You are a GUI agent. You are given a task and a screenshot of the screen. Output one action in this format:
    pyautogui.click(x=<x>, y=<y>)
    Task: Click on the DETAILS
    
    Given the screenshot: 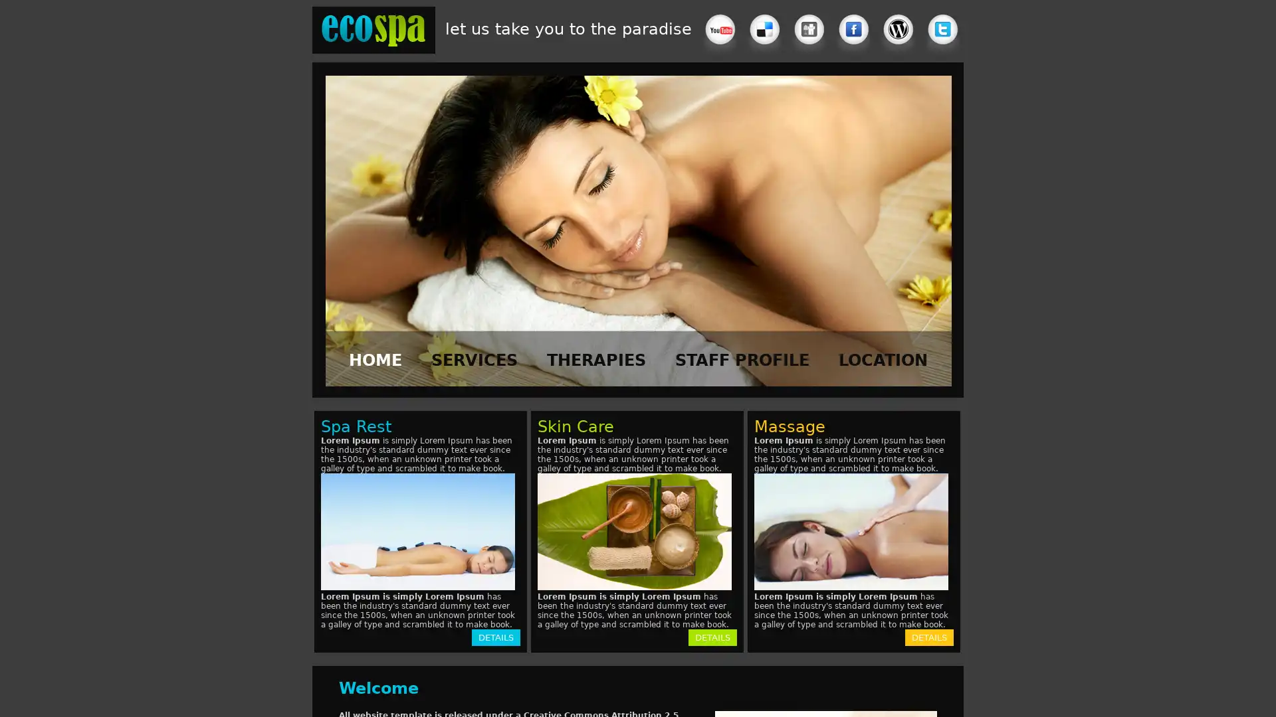 What is the action you would take?
    pyautogui.click(x=928, y=637)
    